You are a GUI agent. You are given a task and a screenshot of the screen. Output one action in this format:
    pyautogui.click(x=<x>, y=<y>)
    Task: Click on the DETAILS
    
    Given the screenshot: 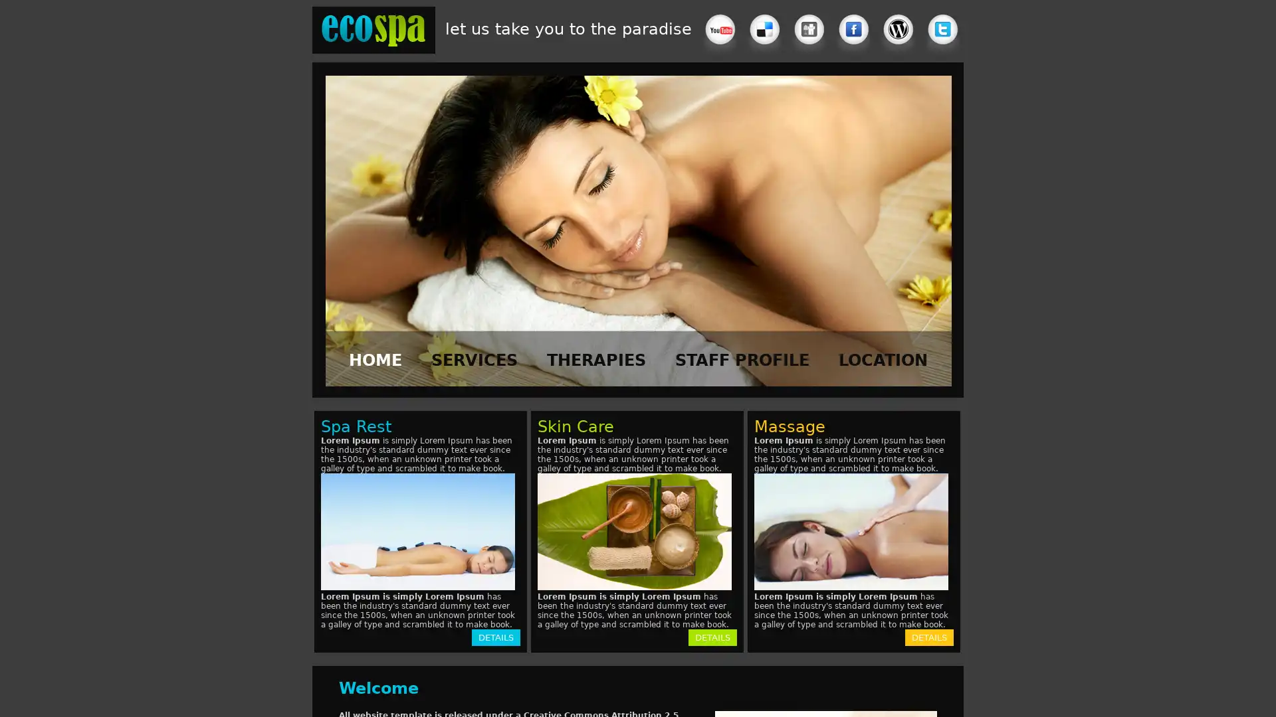 What is the action you would take?
    pyautogui.click(x=928, y=637)
    